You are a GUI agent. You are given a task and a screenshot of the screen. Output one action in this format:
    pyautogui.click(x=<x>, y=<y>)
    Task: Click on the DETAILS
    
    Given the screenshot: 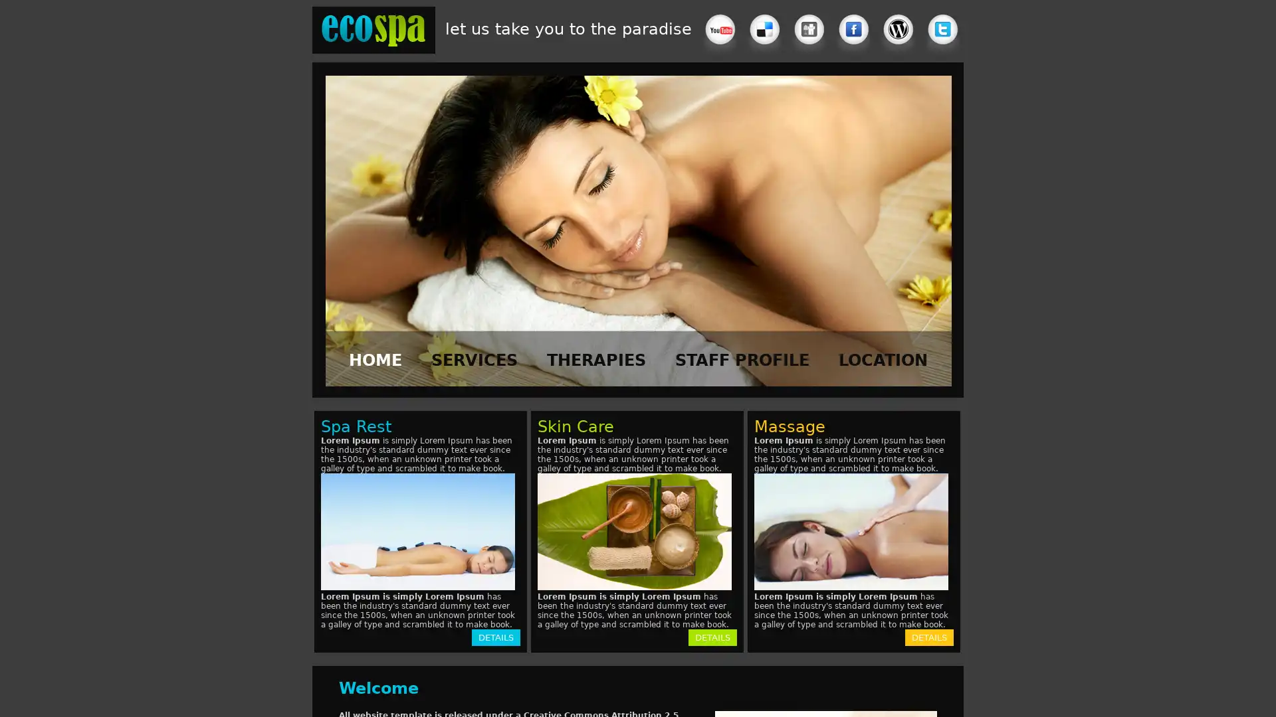 What is the action you would take?
    pyautogui.click(x=928, y=637)
    